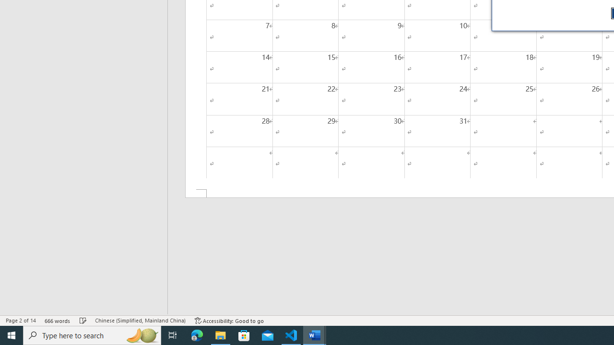 The height and width of the screenshot is (345, 614). Describe the element at coordinates (141, 334) in the screenshot. I see `'Search highlights icon opens search home window'` at that location.